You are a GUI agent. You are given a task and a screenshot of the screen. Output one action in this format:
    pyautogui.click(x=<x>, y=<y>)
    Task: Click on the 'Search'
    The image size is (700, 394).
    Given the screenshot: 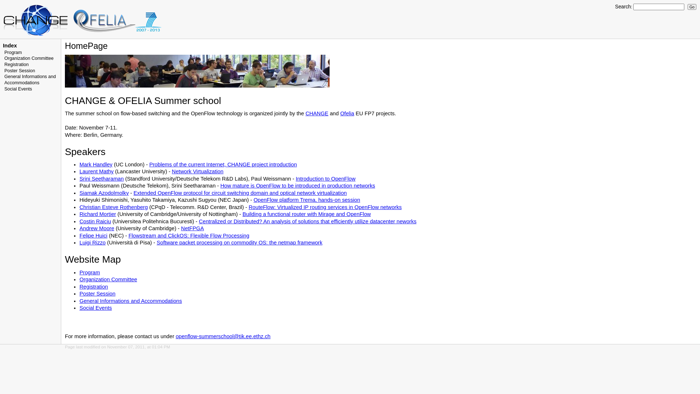 What is the action you would take?
    pyautogui.click(x=622, y=7)
    